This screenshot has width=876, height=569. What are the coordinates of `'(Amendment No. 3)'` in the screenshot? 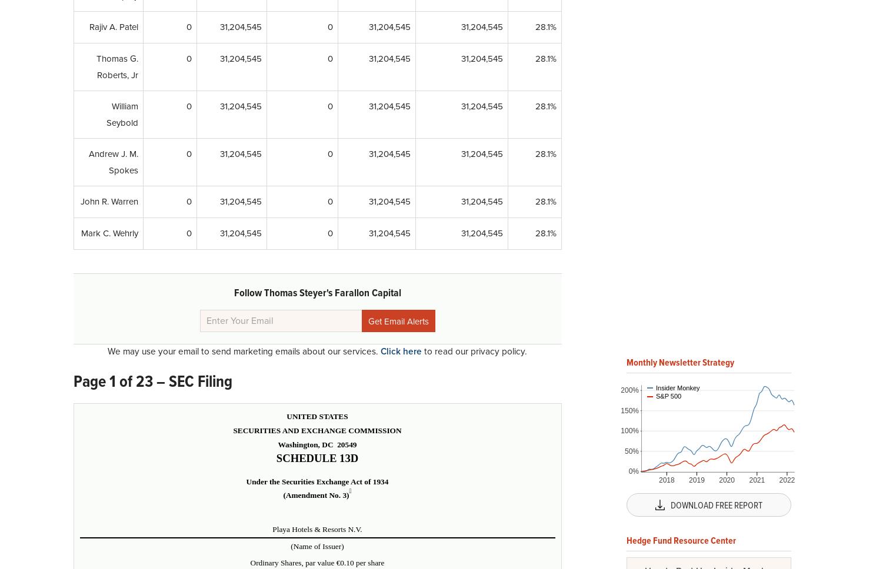 It's located at (315, 495).